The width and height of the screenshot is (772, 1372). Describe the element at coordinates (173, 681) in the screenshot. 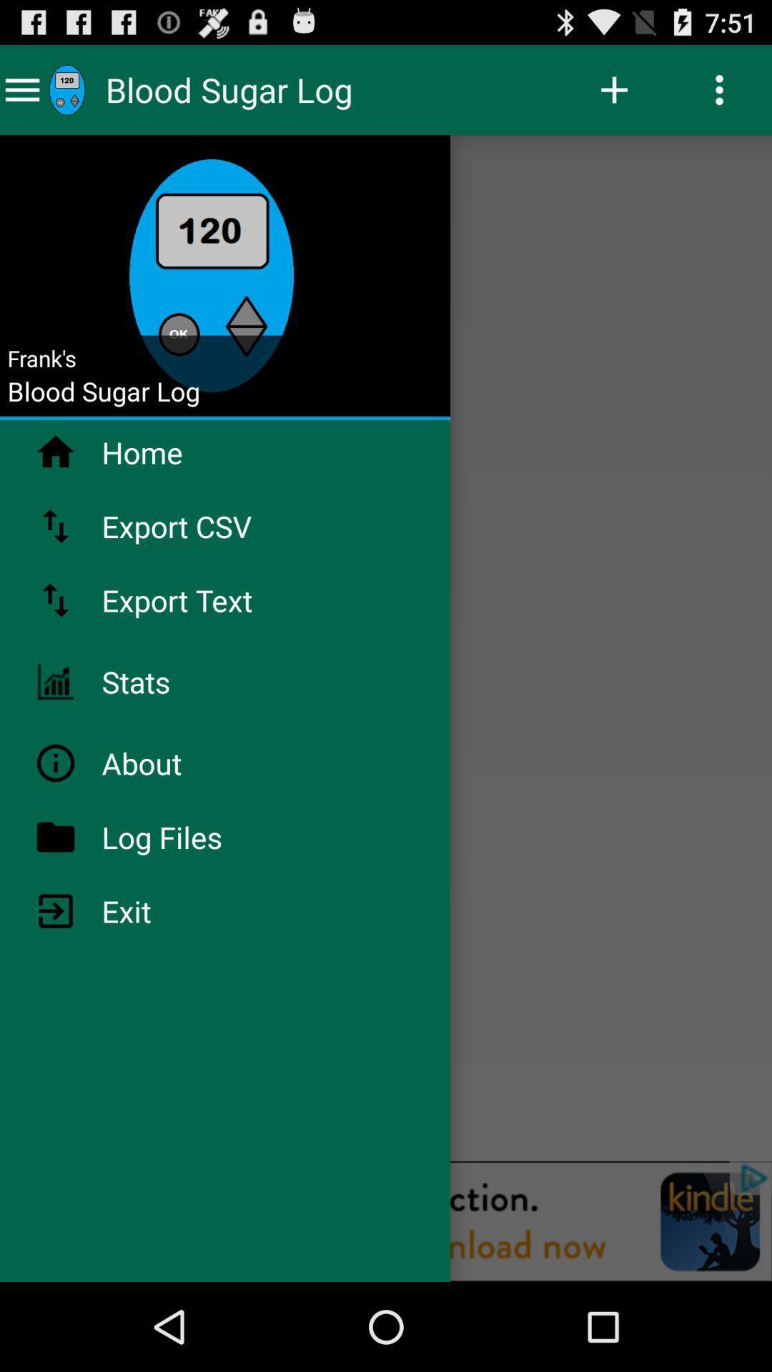

I see `the stats` at that location.